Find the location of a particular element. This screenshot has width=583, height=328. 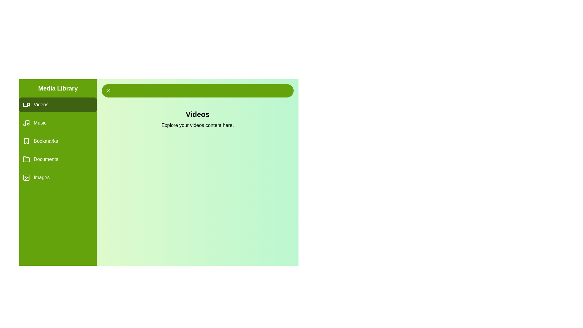

the Music tab by clicking on its label in the drawer is located at coordinates (58, 123).